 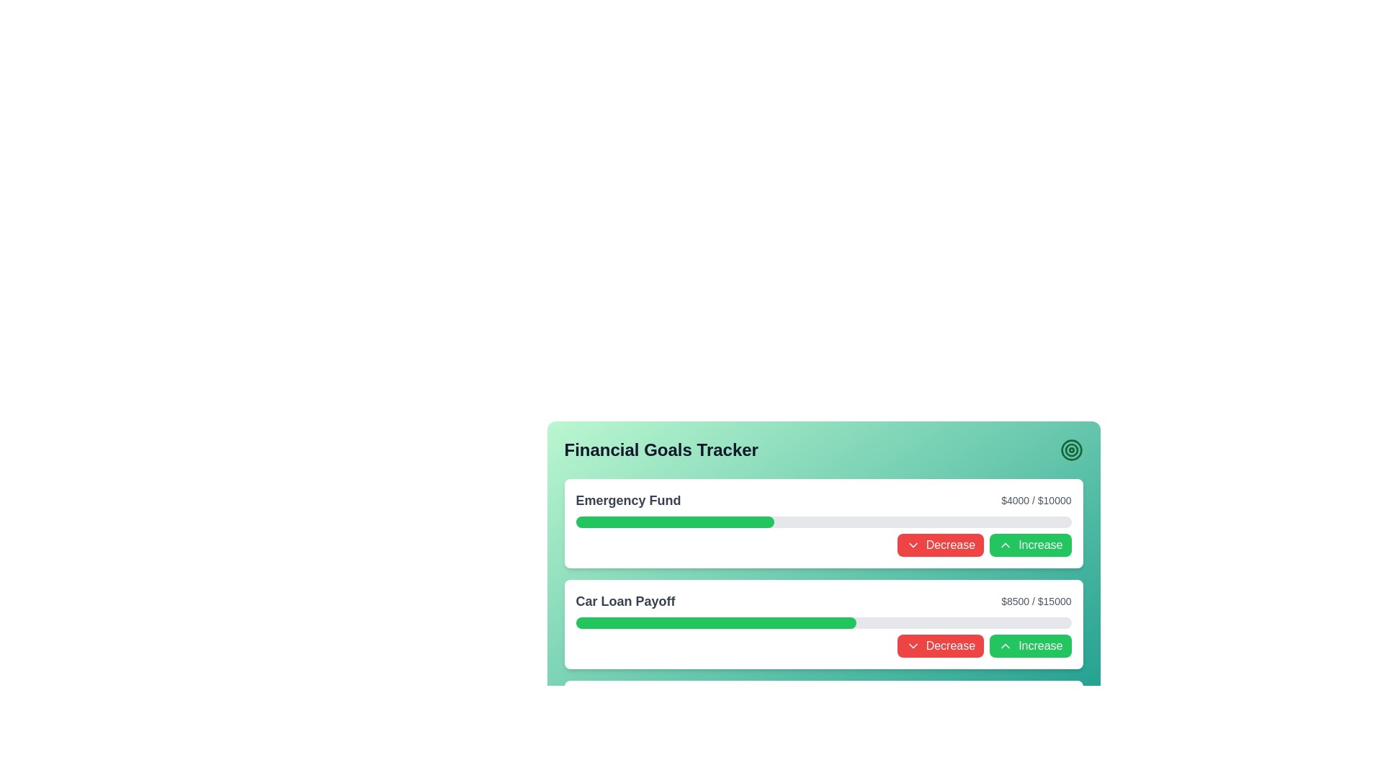 I want to click on the 'Decrease' button, which is a rectangular button with a red background and white text, located on the left side of a button grouping near the 'Emergency Fund' progress bar, so click(x=940, y=545).